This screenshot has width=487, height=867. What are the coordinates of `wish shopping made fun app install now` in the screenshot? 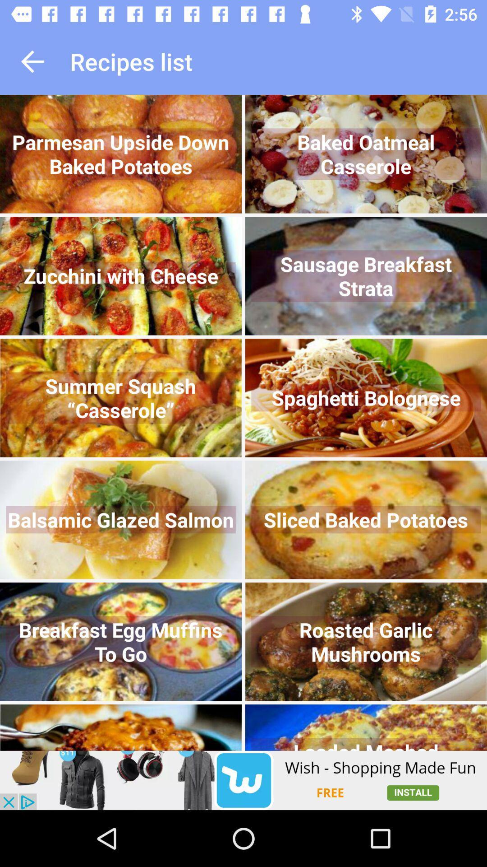 It's located at (243, 780).